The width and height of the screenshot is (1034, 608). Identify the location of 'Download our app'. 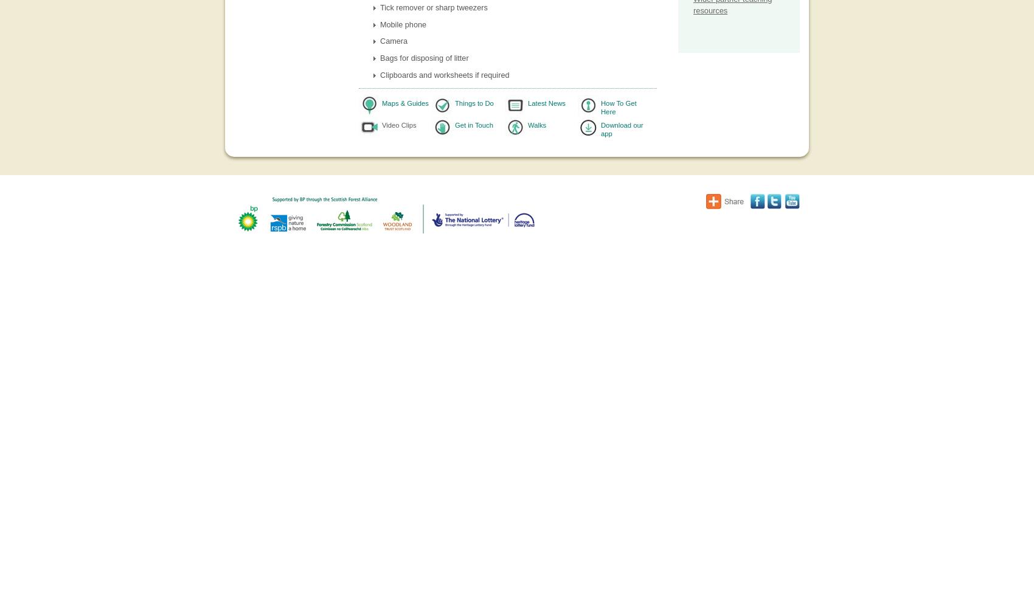
(621, 128).